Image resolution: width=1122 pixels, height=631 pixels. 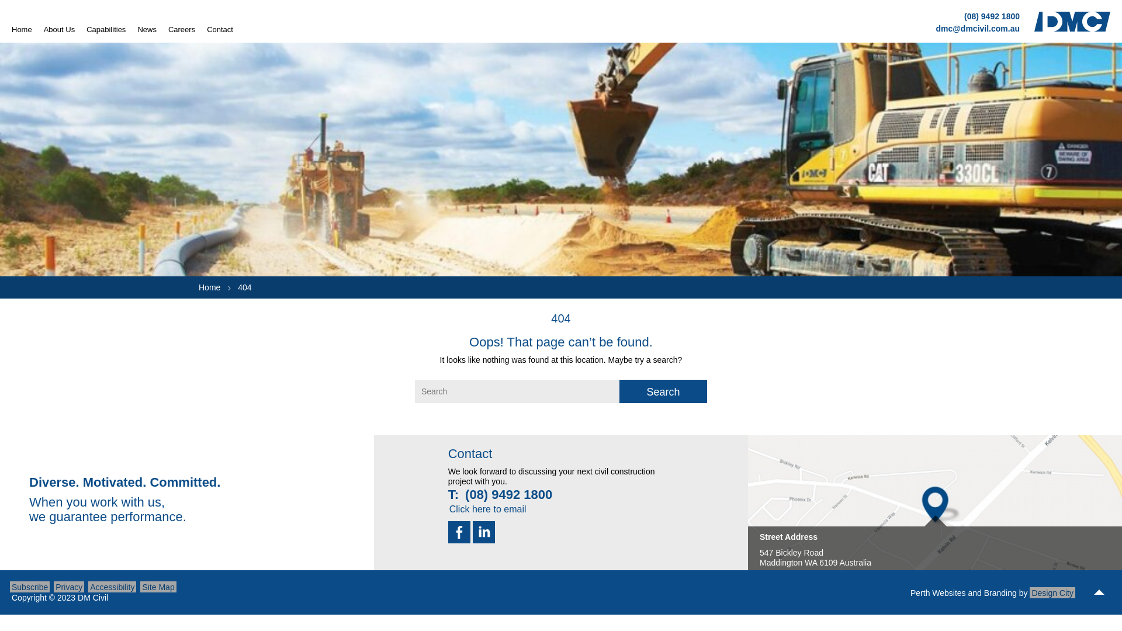 I want to click on 'Home', so click(x=209, y=287).